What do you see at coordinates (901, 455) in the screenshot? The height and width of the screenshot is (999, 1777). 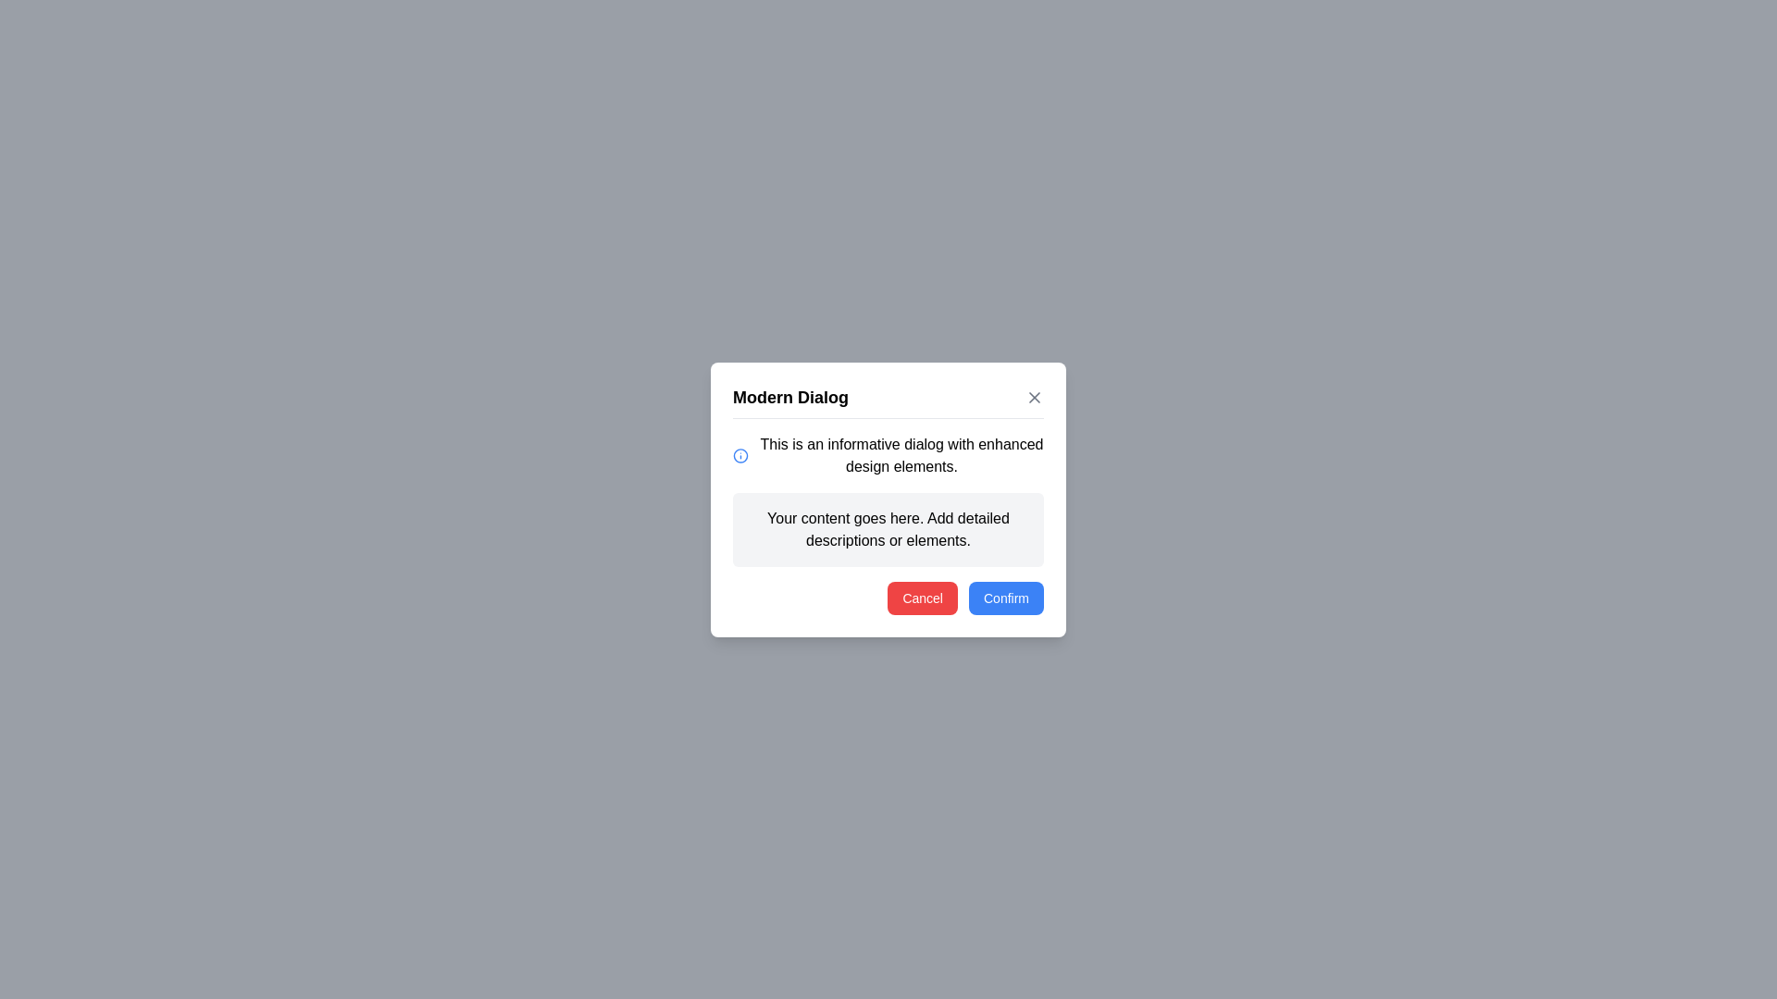 I see `the text block that provides additional context or explanatory information for the dialog box, located below the title 'Modern Dialog' and aligned to the right of an icon` at bounding box center [901, 455].